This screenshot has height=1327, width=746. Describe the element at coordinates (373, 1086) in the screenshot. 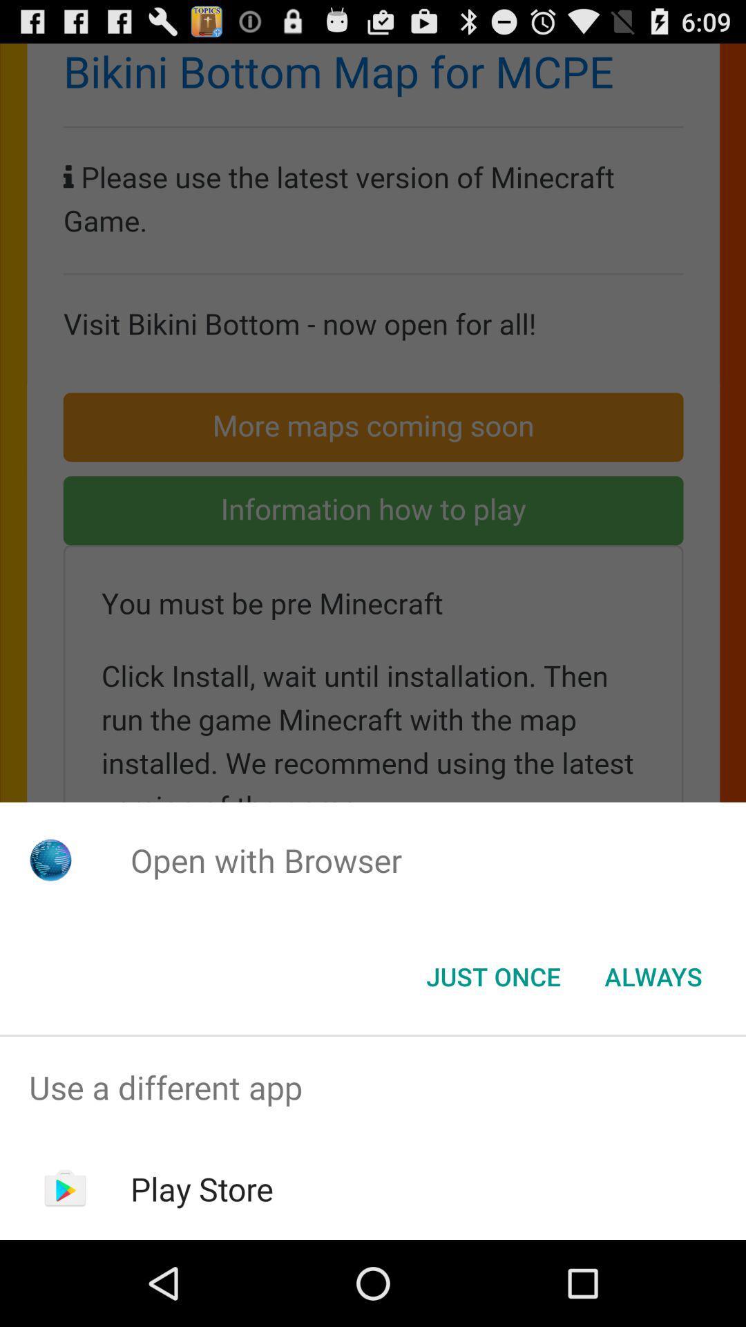

I see `item above the play store app` at that location.